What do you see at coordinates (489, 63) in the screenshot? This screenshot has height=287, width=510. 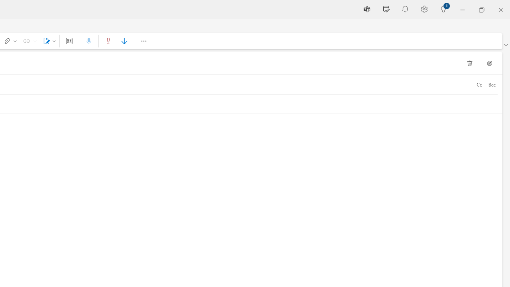 I see `'Pop Out'` at bounding box center [489, 63].